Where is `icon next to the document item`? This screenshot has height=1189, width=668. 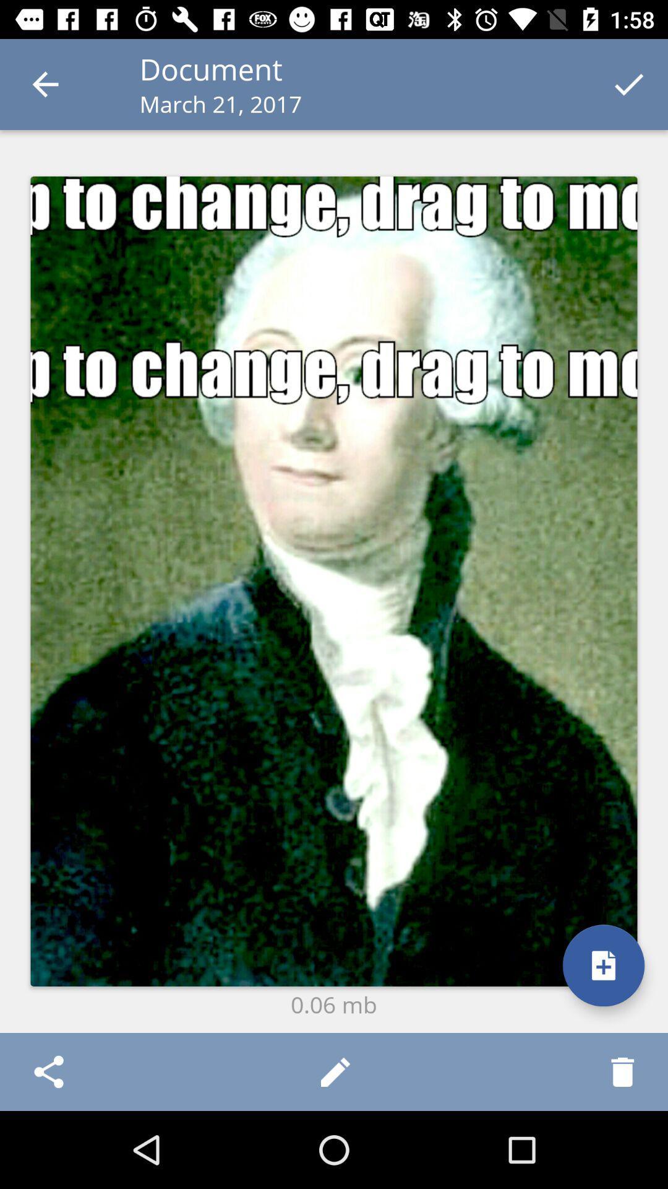 icon next to the document item is located at coordinates (45, 84).